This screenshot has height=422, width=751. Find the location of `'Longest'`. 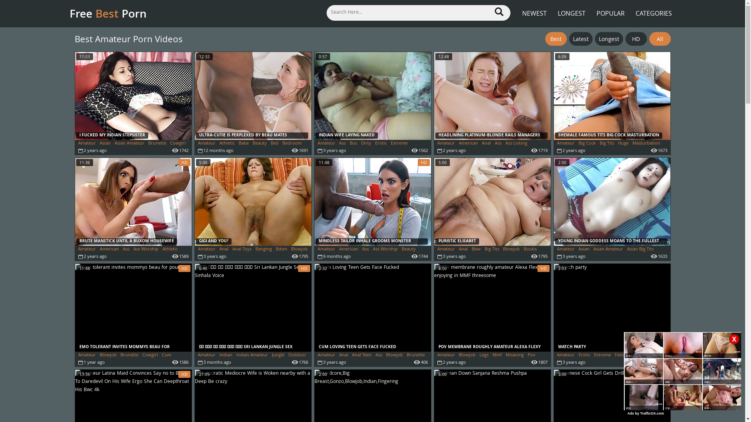

'Longest' is located at coordinates (595, 39).